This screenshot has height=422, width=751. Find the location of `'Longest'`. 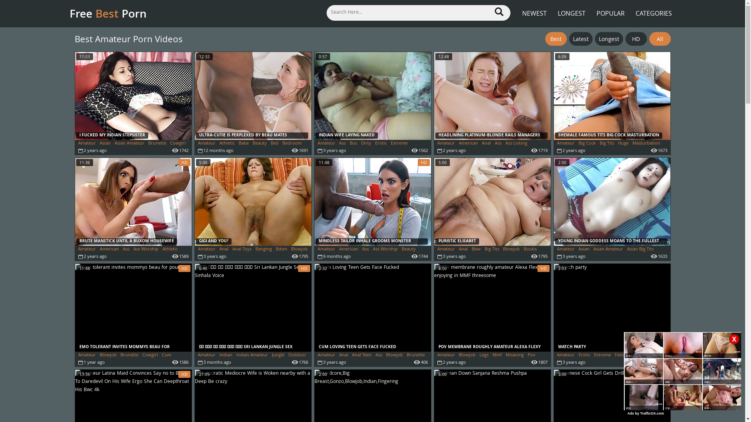

'Longest' is located at coordinates (595, 39).